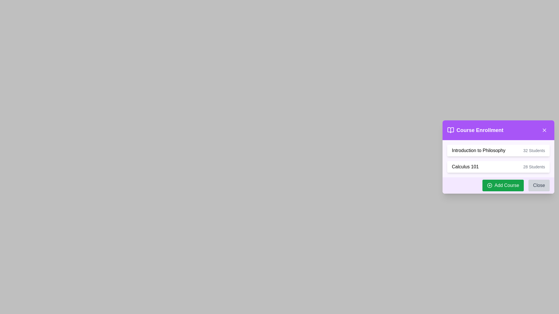 The image size is (559, 314). What do you see at coordinates (498, 185) in the screenshot?
I see `the 'Add Course' button located in the bottom section of the course-enrollment dialog box for visual feedback` at bounding box center [498, 185].